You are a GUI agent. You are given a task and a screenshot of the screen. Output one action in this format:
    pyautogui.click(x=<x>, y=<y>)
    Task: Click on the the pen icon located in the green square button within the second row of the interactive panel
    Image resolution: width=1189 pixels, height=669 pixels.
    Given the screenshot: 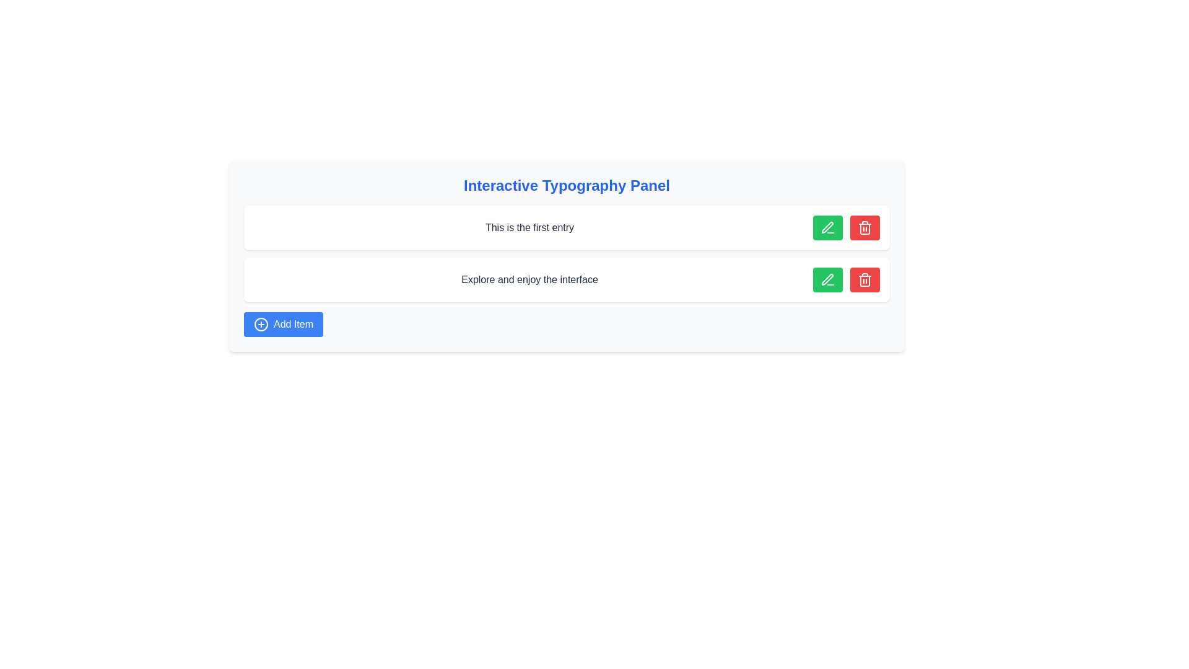 What is the action you would take?
    pyautogui.click(x=827, y=279)
    